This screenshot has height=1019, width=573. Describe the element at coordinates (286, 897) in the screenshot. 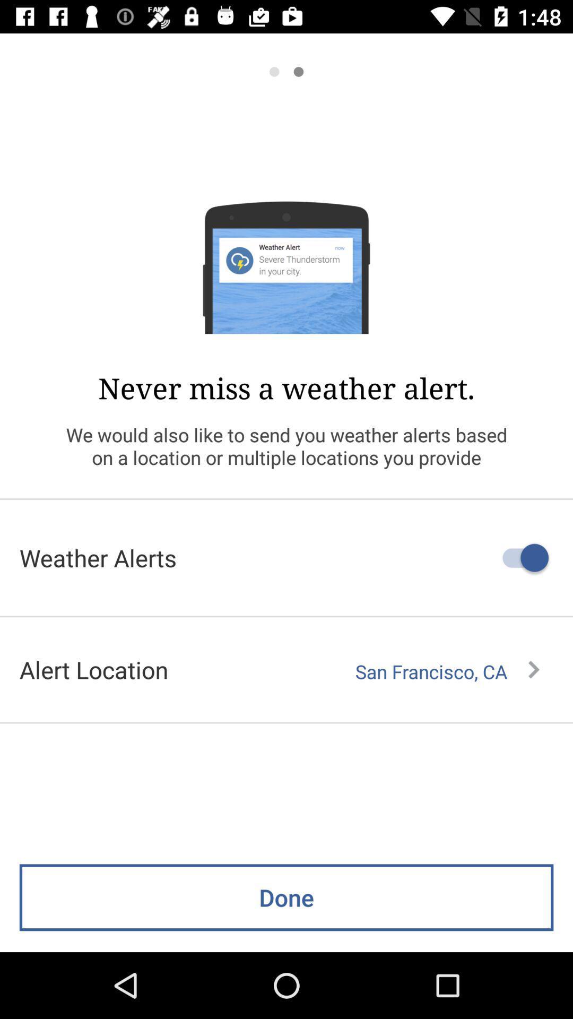

I see `done` at that location.